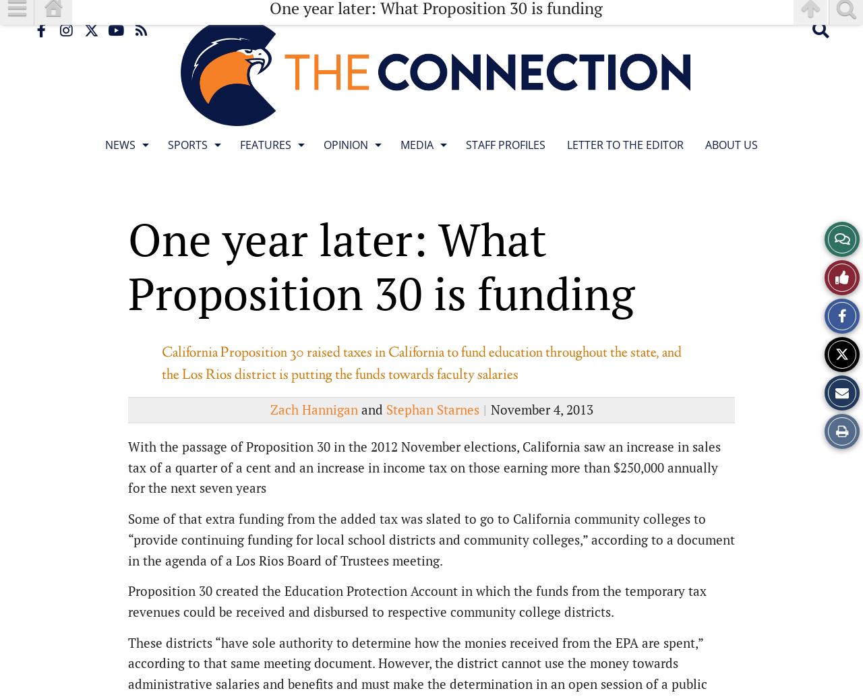 The image size is (863, 699). Describe the element at coordinates (417, 601) in the screenshot. I see `'Proposition 30 created the Education Protection Account in which the funds from the temporary tax revenues could be received and disbursed to respective community college districts.'` at that location.